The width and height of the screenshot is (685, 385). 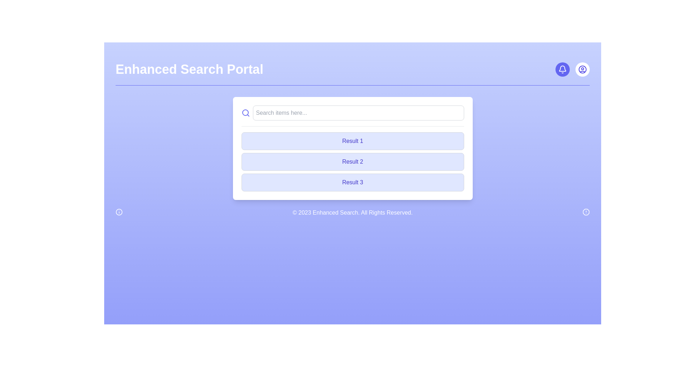 I want to click on the decorative circular border of the user account icon located in the upper-right corner of the interface, so click(x=582, y=70).